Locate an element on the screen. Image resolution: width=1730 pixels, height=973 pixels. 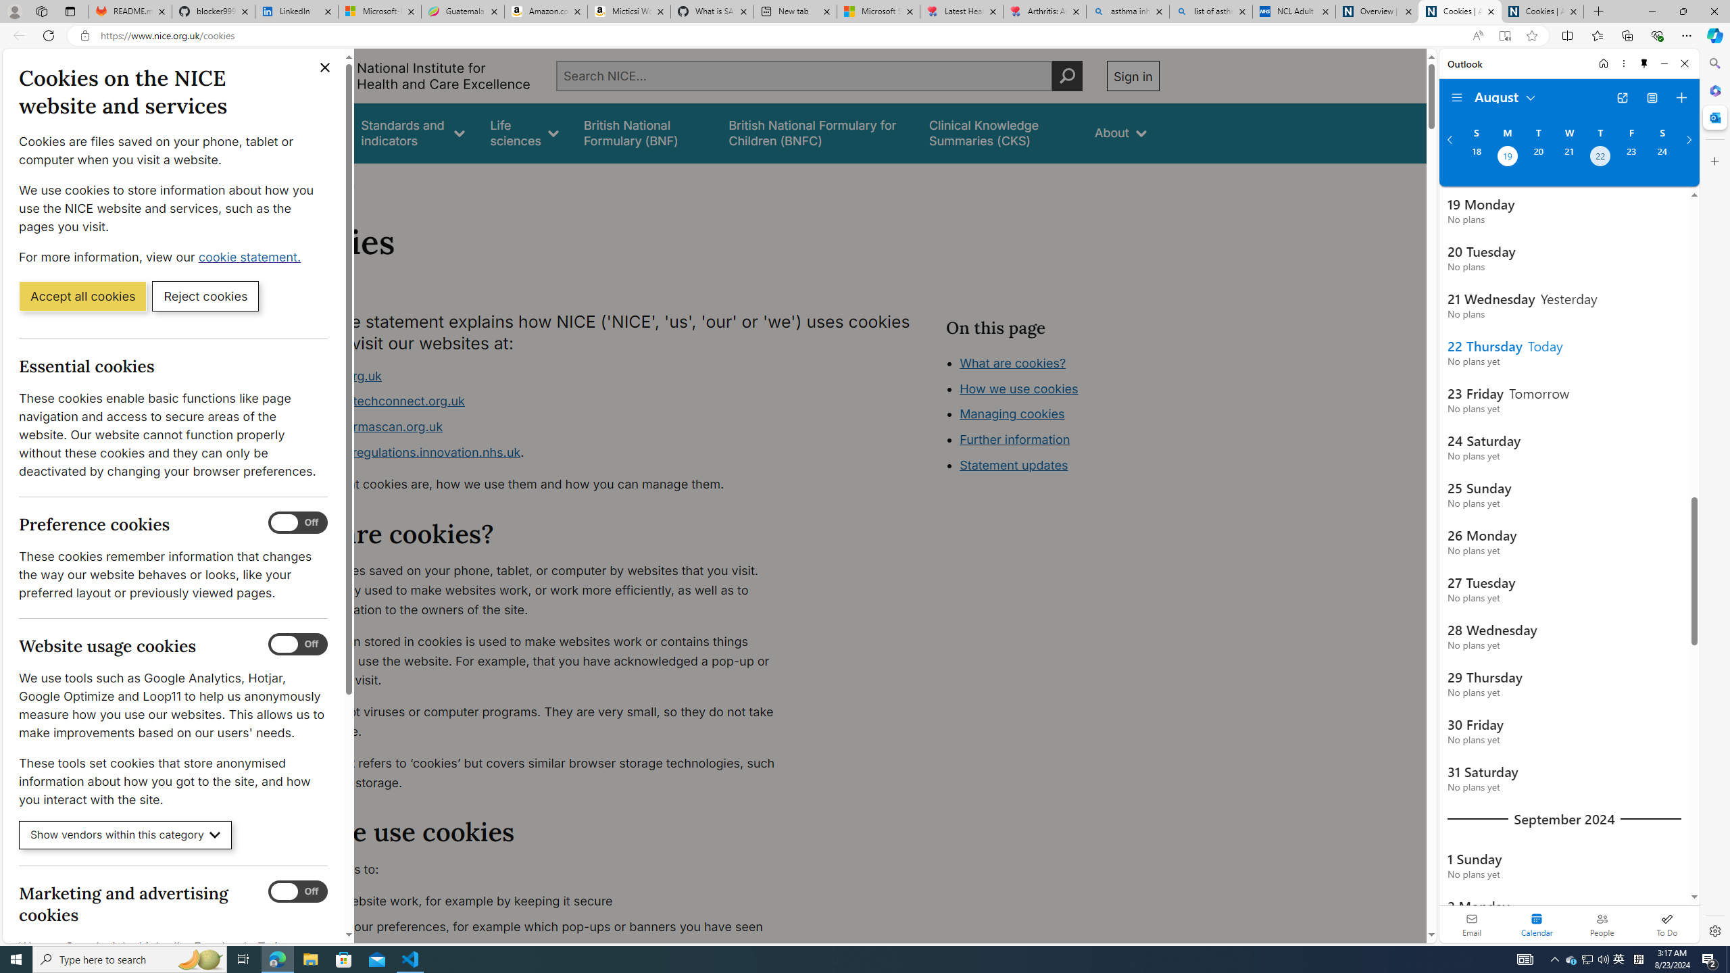
'Reject cookies' is located at coordinates (205, 295).